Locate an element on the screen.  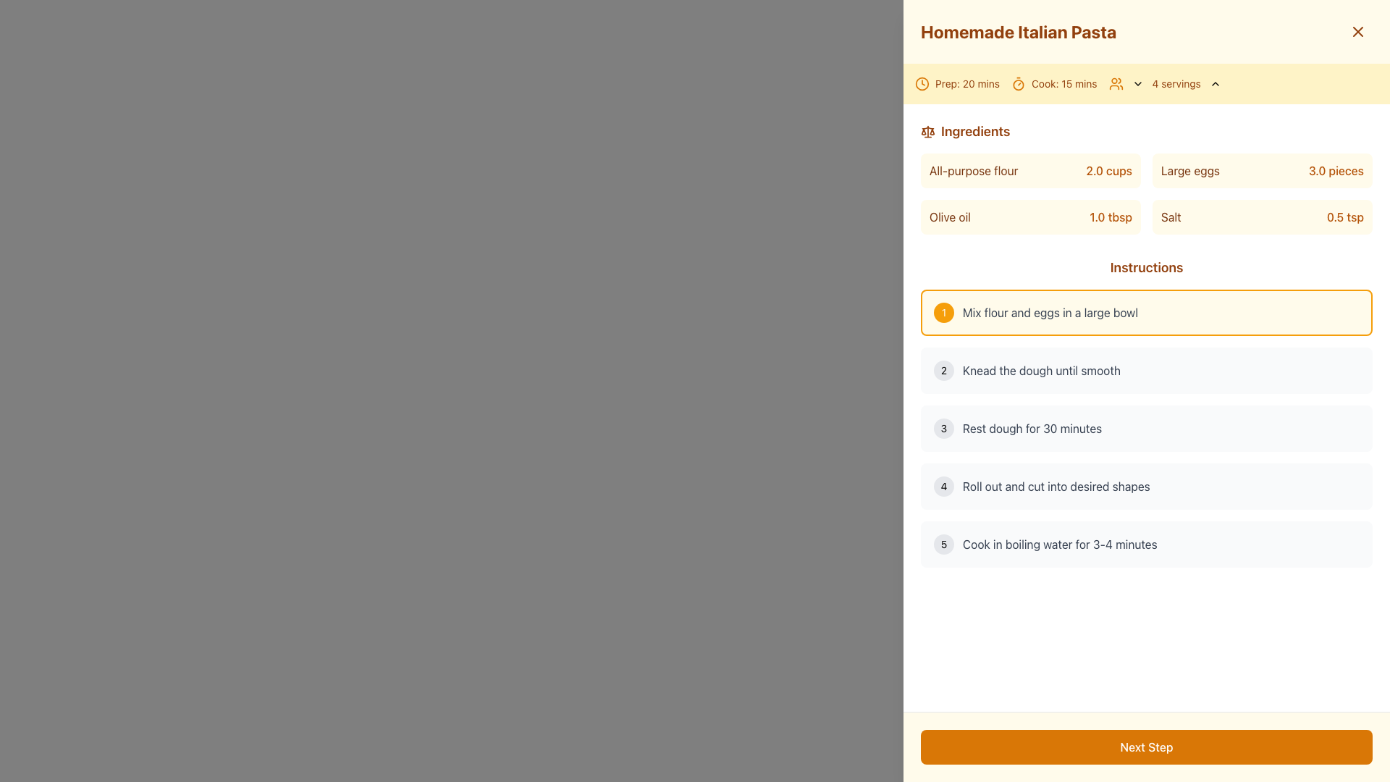
the circular badge indicating step 2 of the instructional sequence, located to the left of the instruction text 'Knead the dough until smooth' is located at coordinates (944, 370).